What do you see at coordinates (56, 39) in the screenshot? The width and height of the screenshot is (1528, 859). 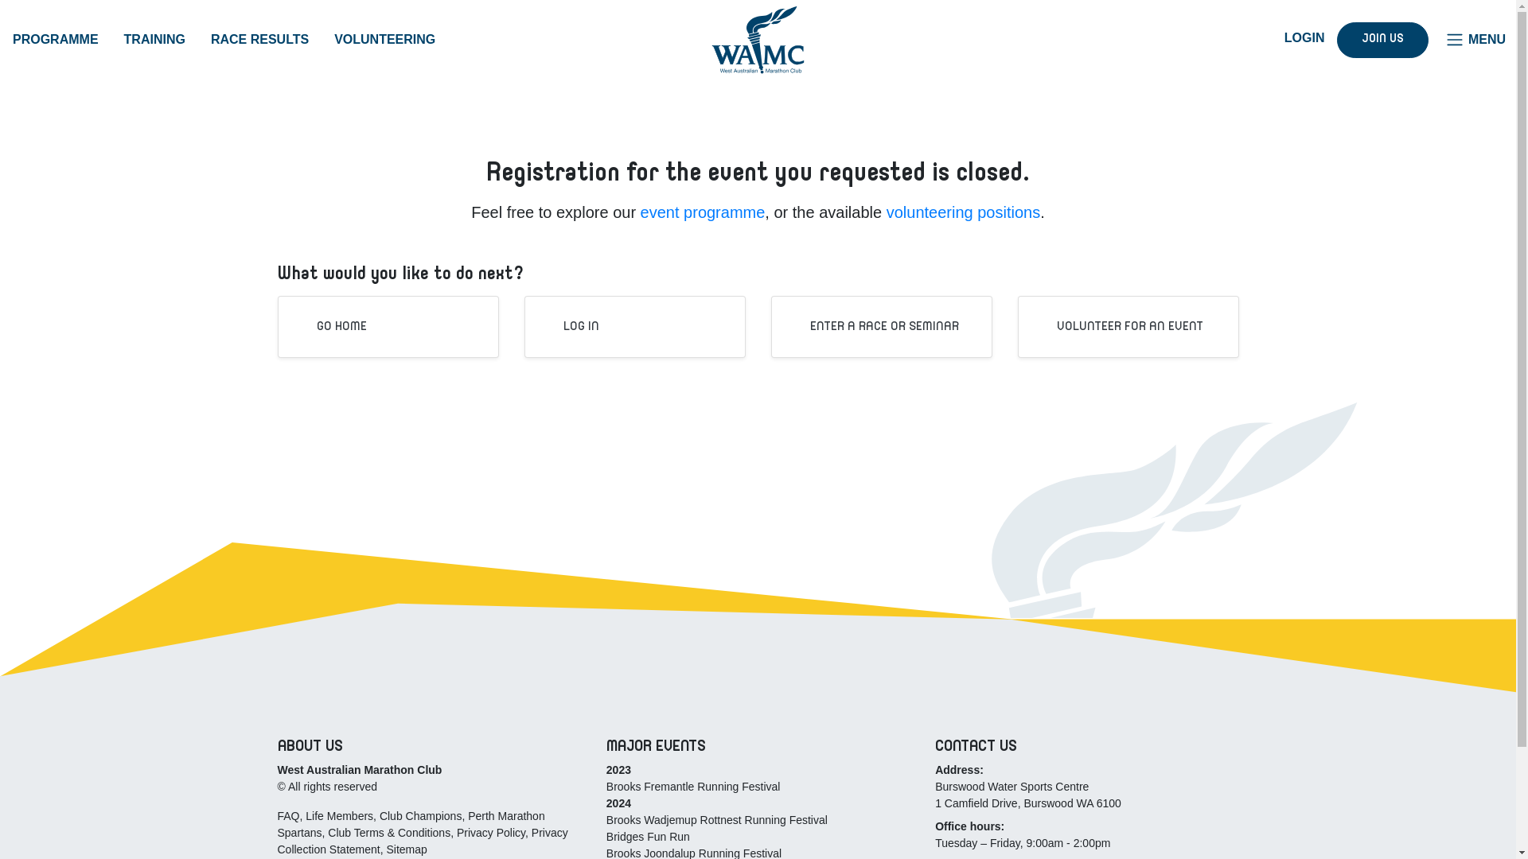 I see `'PROGRAMME'` at bounding box center [56, 39].